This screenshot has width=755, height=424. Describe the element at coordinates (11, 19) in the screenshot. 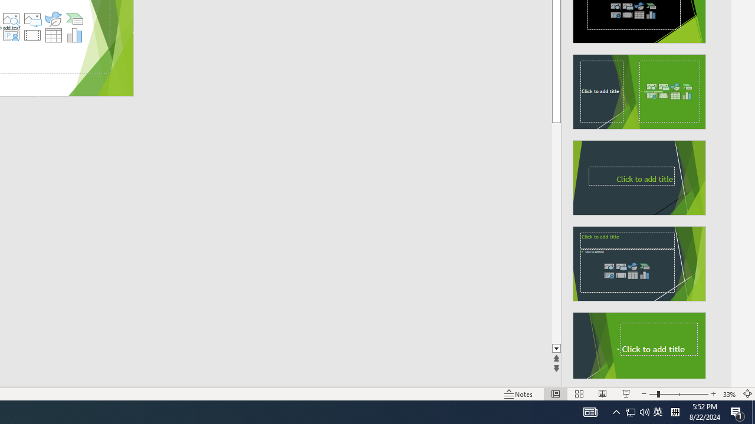

I see `'Stock Images'` at that location.